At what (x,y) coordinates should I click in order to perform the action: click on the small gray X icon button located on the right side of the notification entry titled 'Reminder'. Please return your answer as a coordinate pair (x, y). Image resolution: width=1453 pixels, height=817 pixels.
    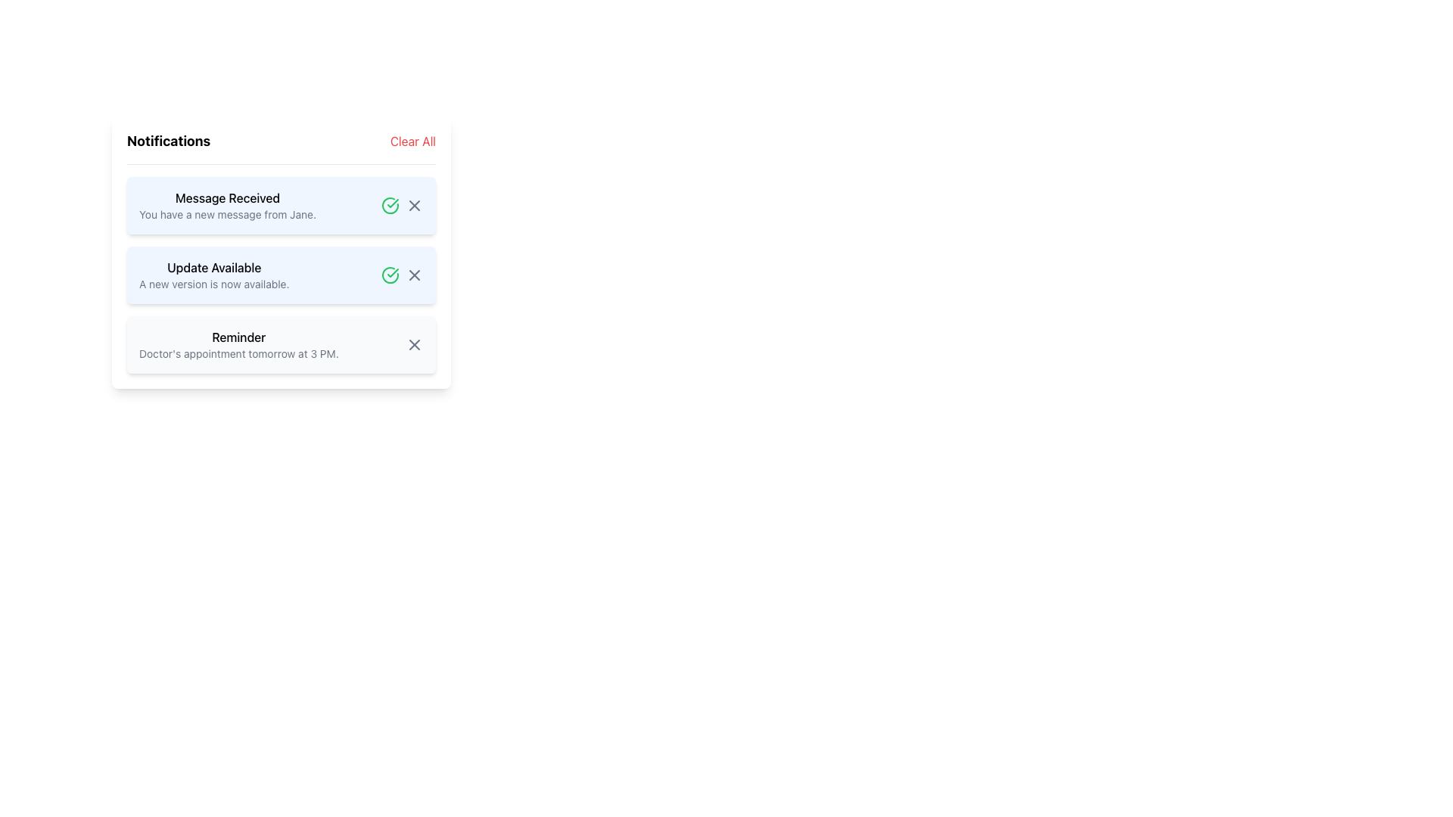
    Looking at the image, I should click on (414, 344).